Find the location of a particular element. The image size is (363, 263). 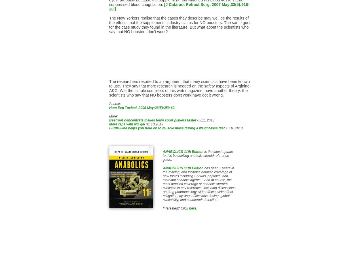

'05.11.2013' is located at coordinates (196, 120).